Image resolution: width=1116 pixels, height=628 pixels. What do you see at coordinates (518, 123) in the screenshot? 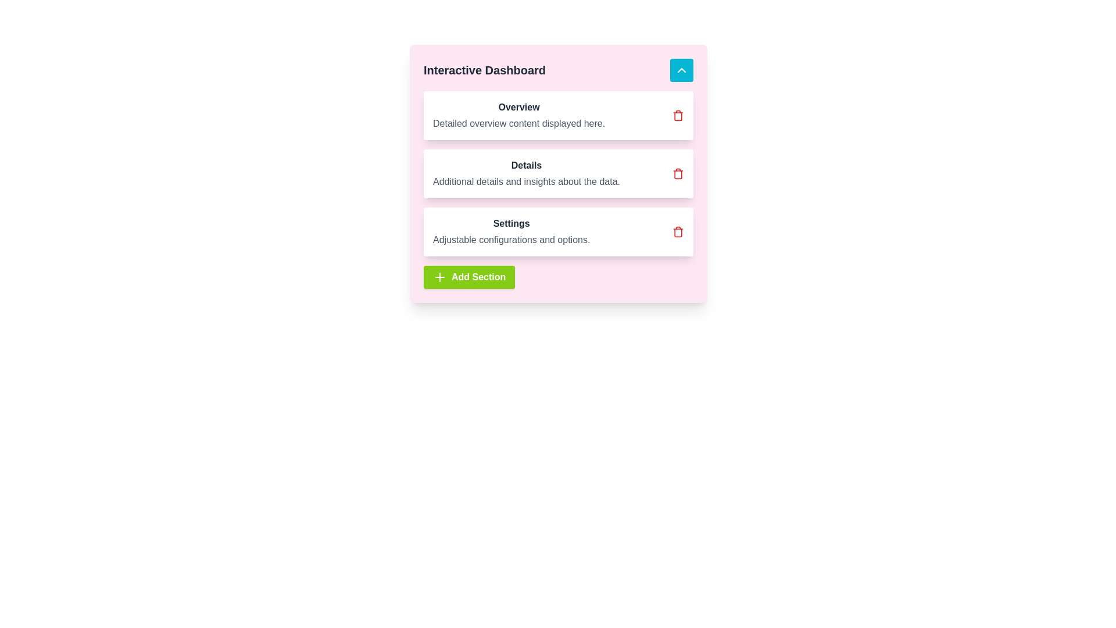
I see `the Text block located within the 'Overview' card, directly below the title 'Overview'` at bounding box center [518, 123].